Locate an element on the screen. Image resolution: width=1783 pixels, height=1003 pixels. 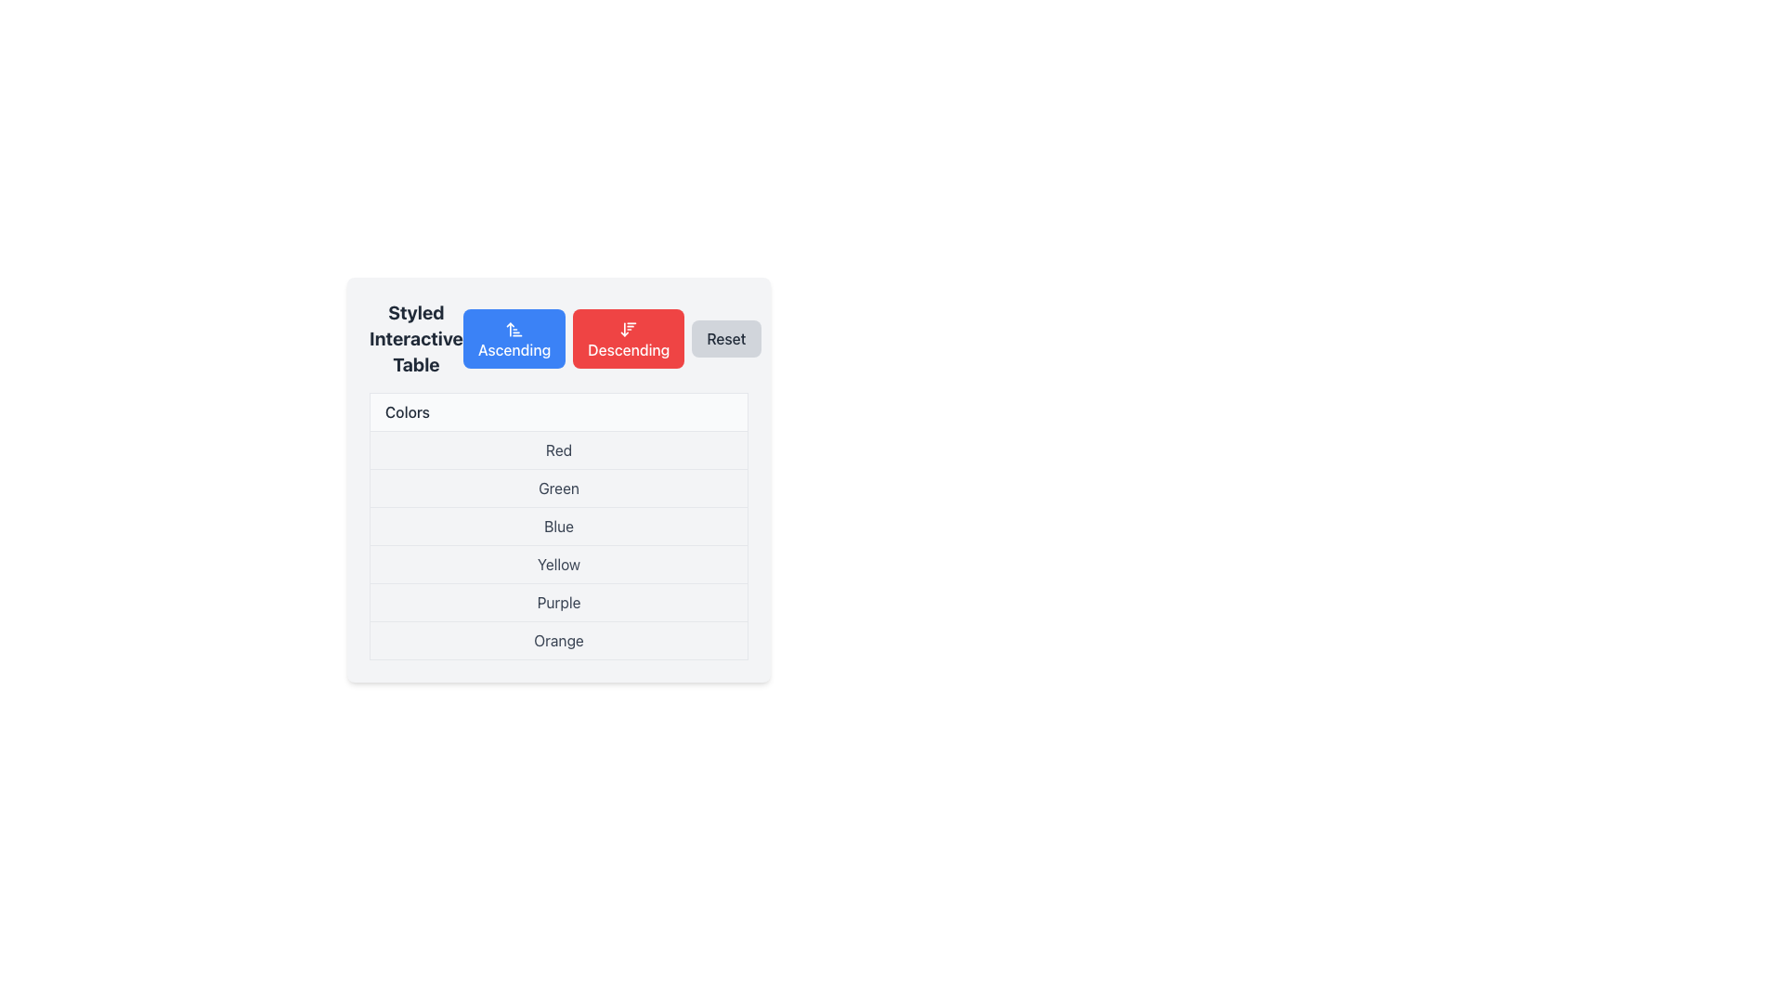
the upward arrow icon that is part of the 'Ascending' button, which is blue and located above the table with the 'Colors' column is located at coordinates (514, 328).